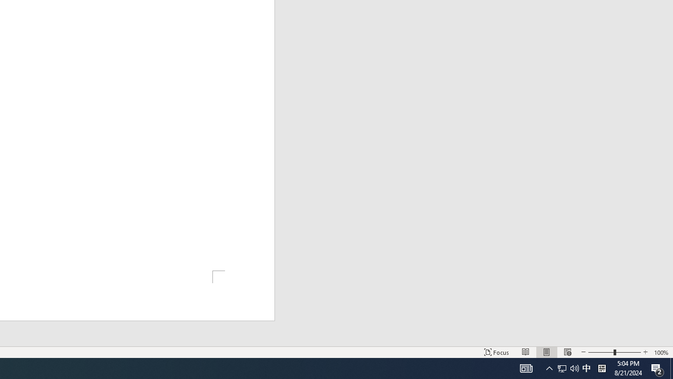  Describe the element at coordinates (614, 352) in the screenshot. I see `'Zoom'` at that location.